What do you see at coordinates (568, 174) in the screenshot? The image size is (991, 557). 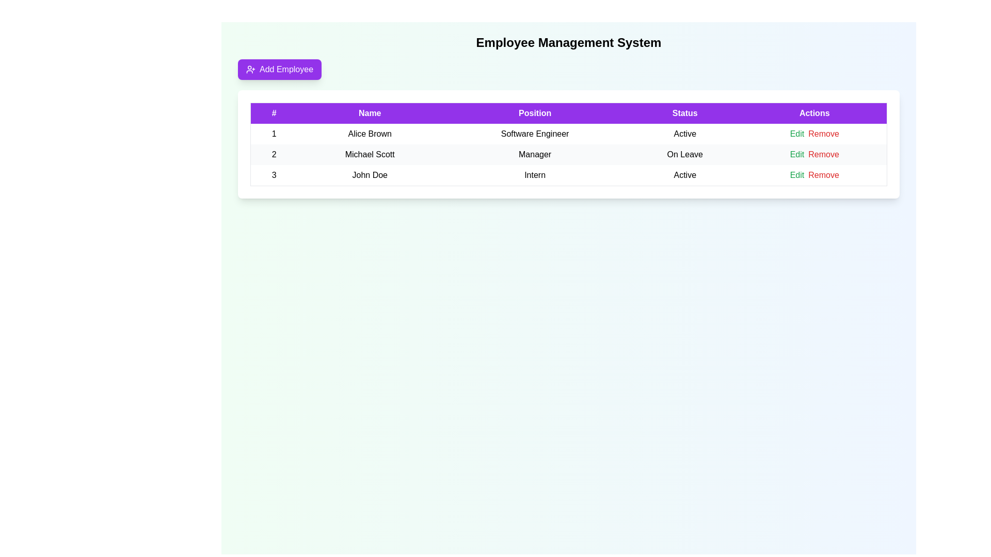 I see `the third row in the employee records table` at bounding box center [568, 174].